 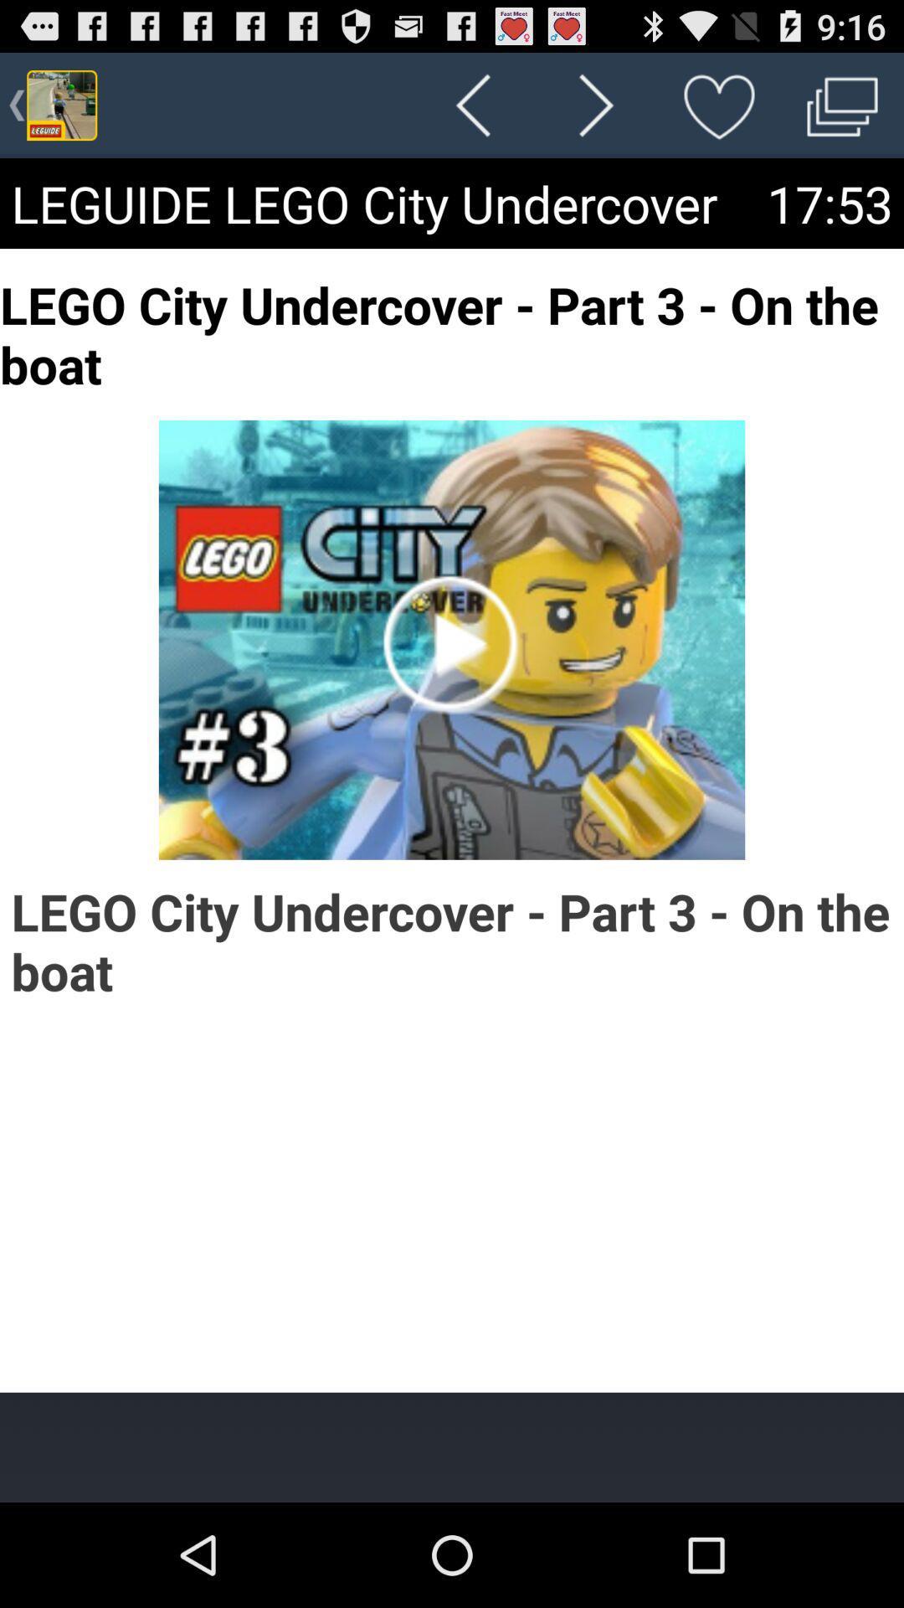 What do you see at coordinates (595, 104) in the screenshot?
I see `the app above the leguide lego city item` at bounding box center [595, 104].